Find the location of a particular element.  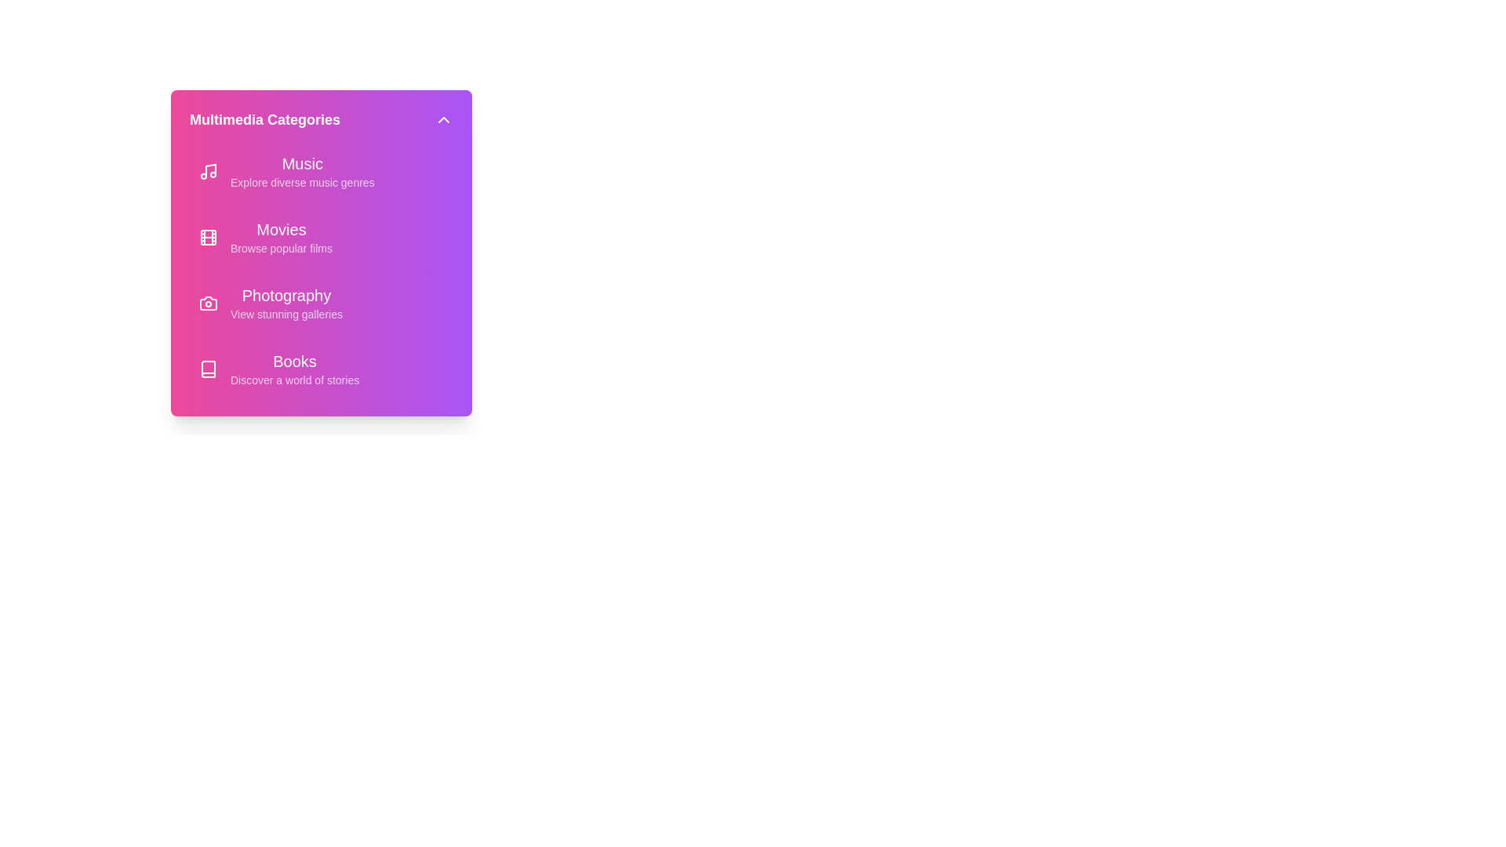

the header area of the menu to toggle its visibility is located at coordinates (320, 119).